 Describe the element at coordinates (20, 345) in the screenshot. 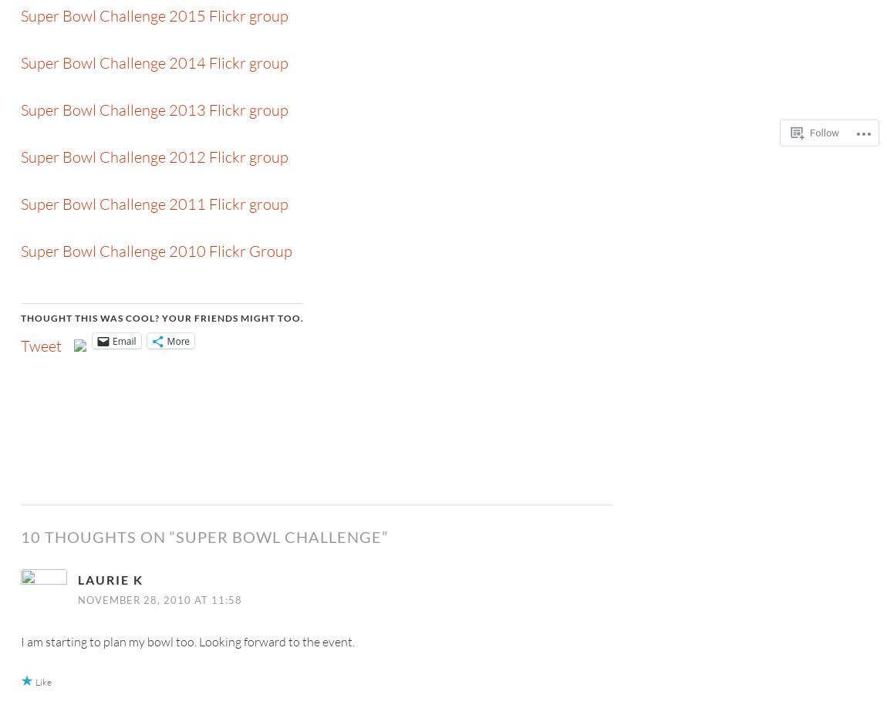

I see `'Tweet'` at that location.